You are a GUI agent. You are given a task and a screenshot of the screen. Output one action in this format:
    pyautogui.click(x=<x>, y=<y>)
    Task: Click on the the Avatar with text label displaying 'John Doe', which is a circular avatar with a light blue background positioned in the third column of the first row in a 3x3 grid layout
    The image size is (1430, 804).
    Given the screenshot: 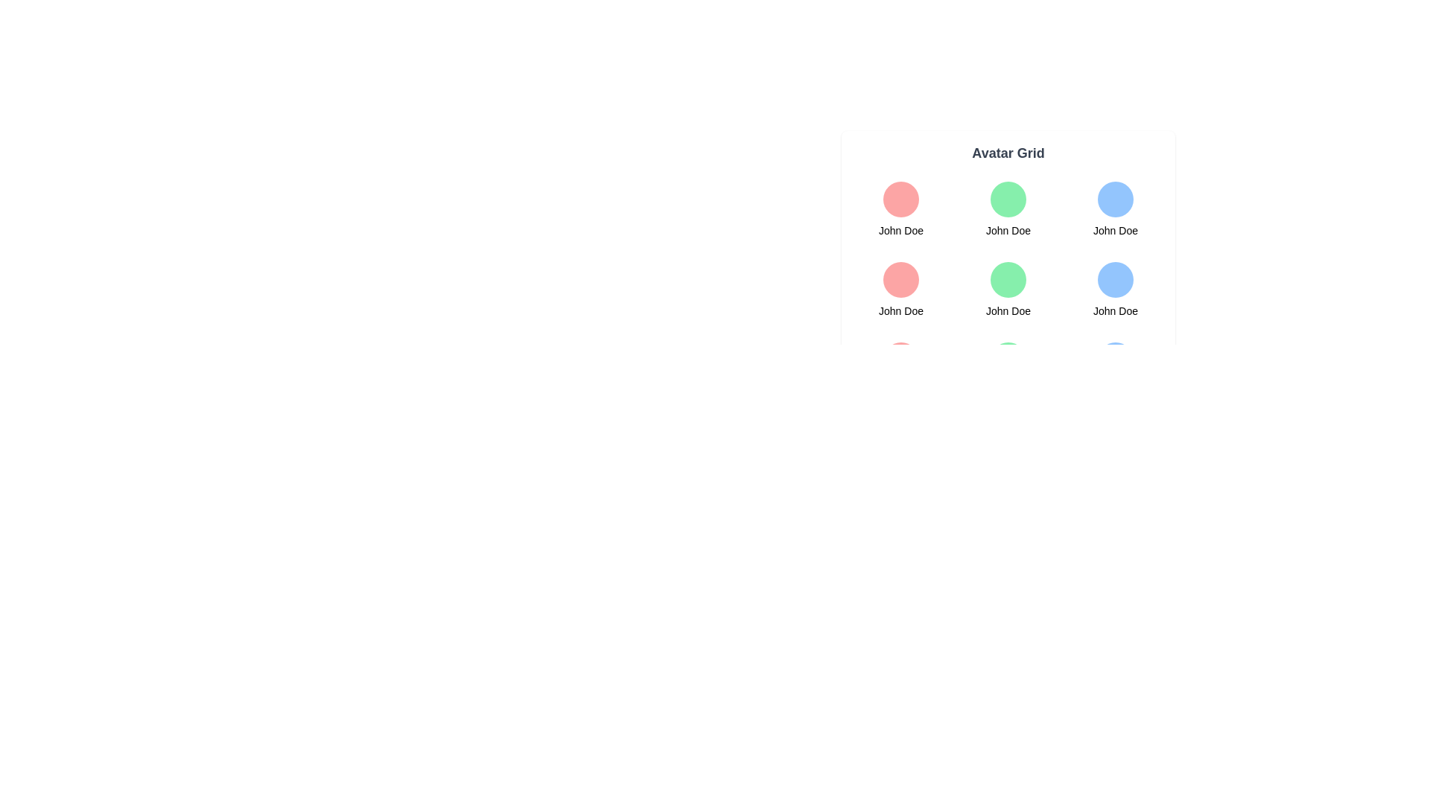 What is the action you would take?
    pyautogui.click(x=1115, y=209)
    